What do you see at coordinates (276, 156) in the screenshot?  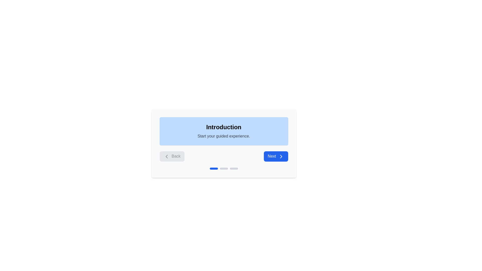 I see `'Next' button to navigate to the next step` at bounding box center [276, 156].